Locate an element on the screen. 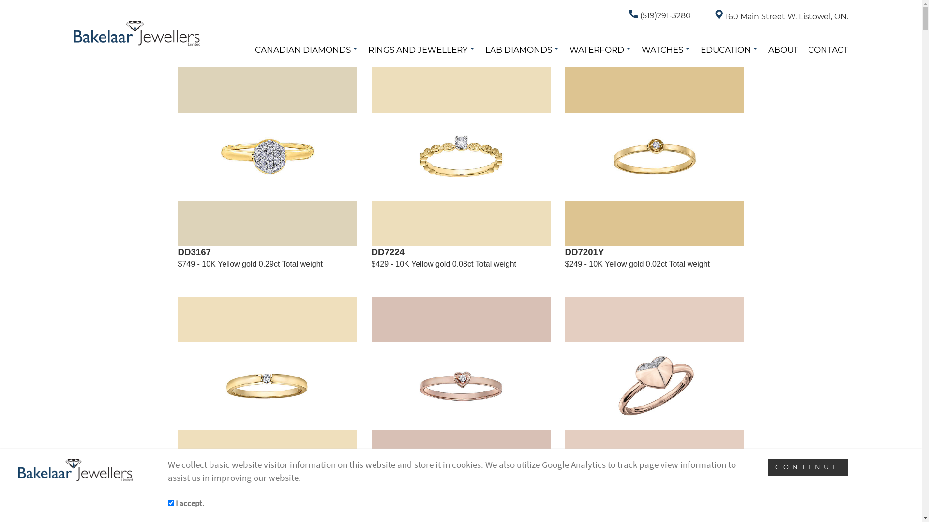  '160 Main Street W. Listowel, ON.' is located at coordinates (715, 16).